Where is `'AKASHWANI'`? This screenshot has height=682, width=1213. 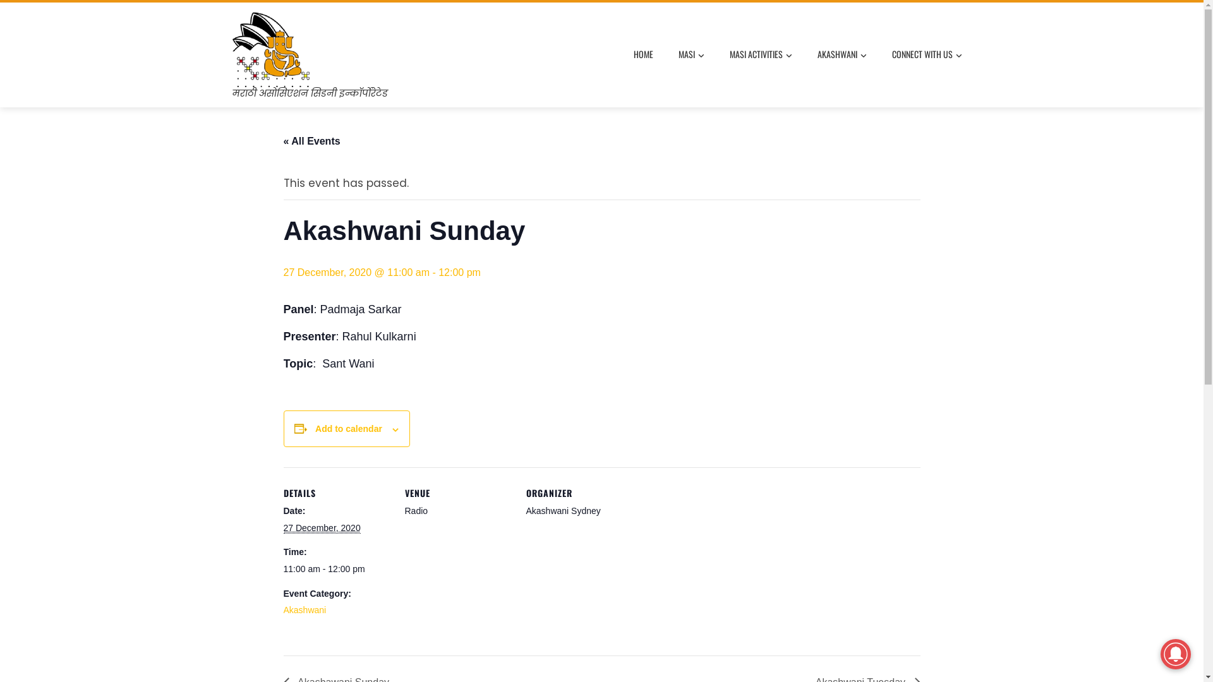
'AKASHWANI' is located at coordinates (842, 54).